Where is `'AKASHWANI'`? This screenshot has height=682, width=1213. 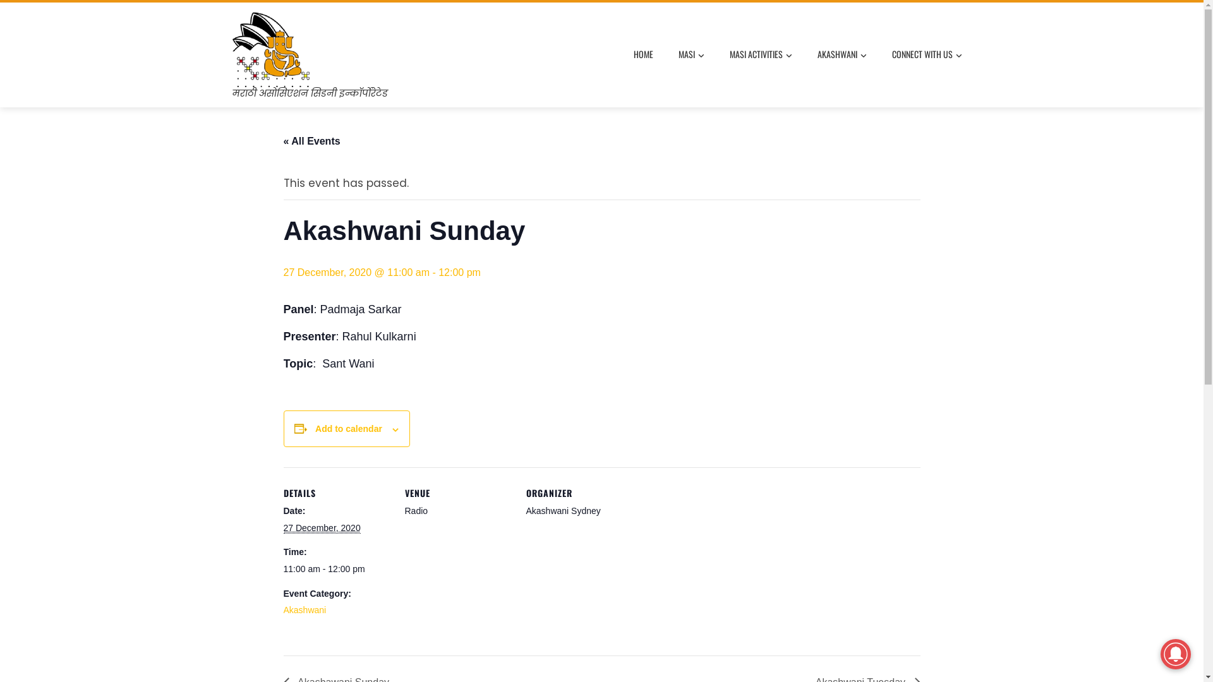
'AKASHWANI' is located at coordinates (842, 54).